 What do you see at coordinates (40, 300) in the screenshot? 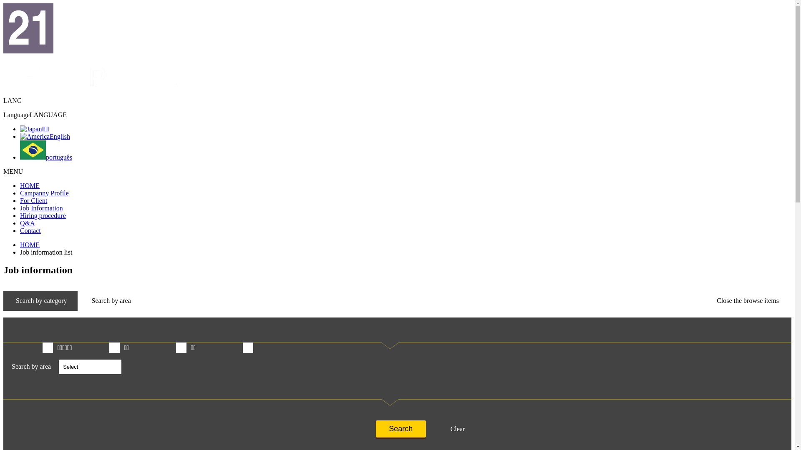
I see `'Search by category'` at bounding box center [40, 300].